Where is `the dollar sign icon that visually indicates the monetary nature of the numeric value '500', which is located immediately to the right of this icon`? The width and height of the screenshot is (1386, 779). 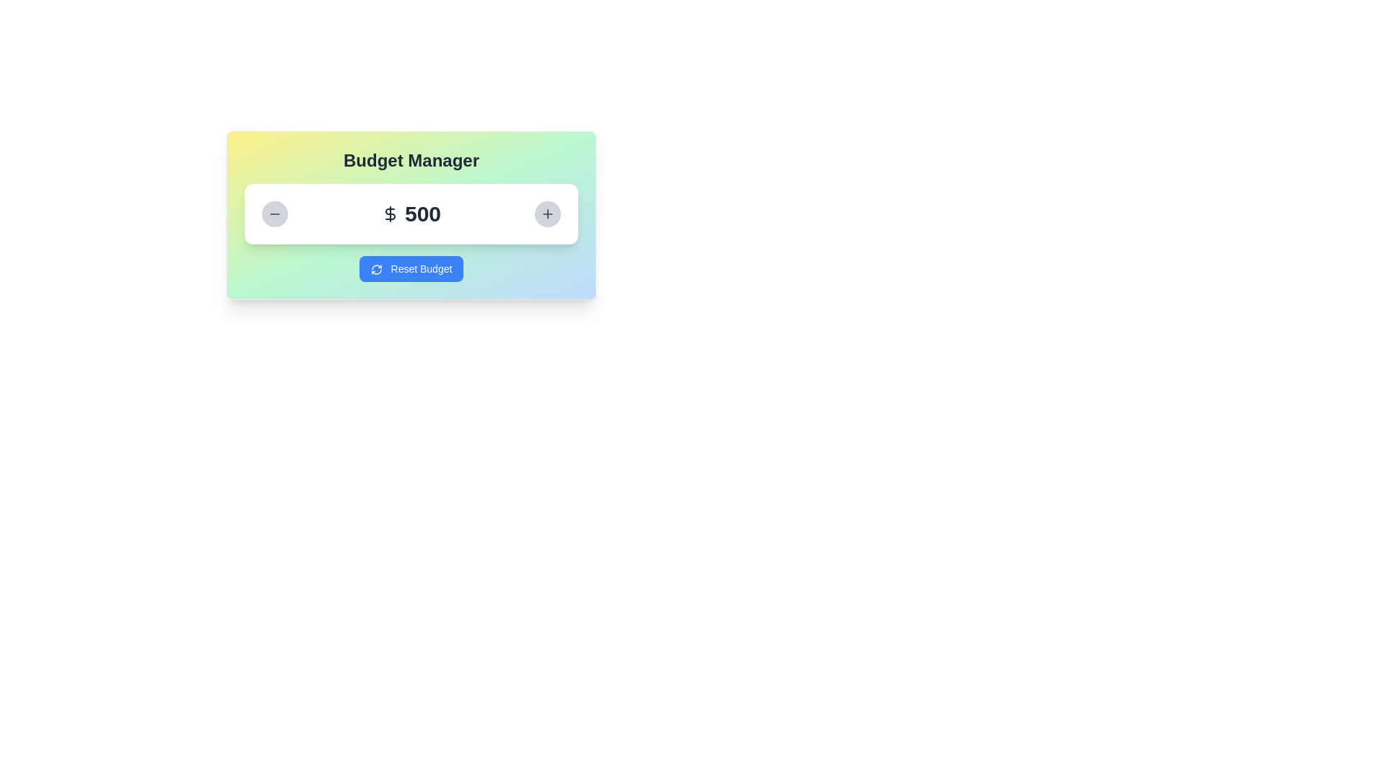 the dollar sign icon that visually indicates the monetary nature of the numeric value '500', which is located immediately to the right of this icon is located at coordinates (391, 214).